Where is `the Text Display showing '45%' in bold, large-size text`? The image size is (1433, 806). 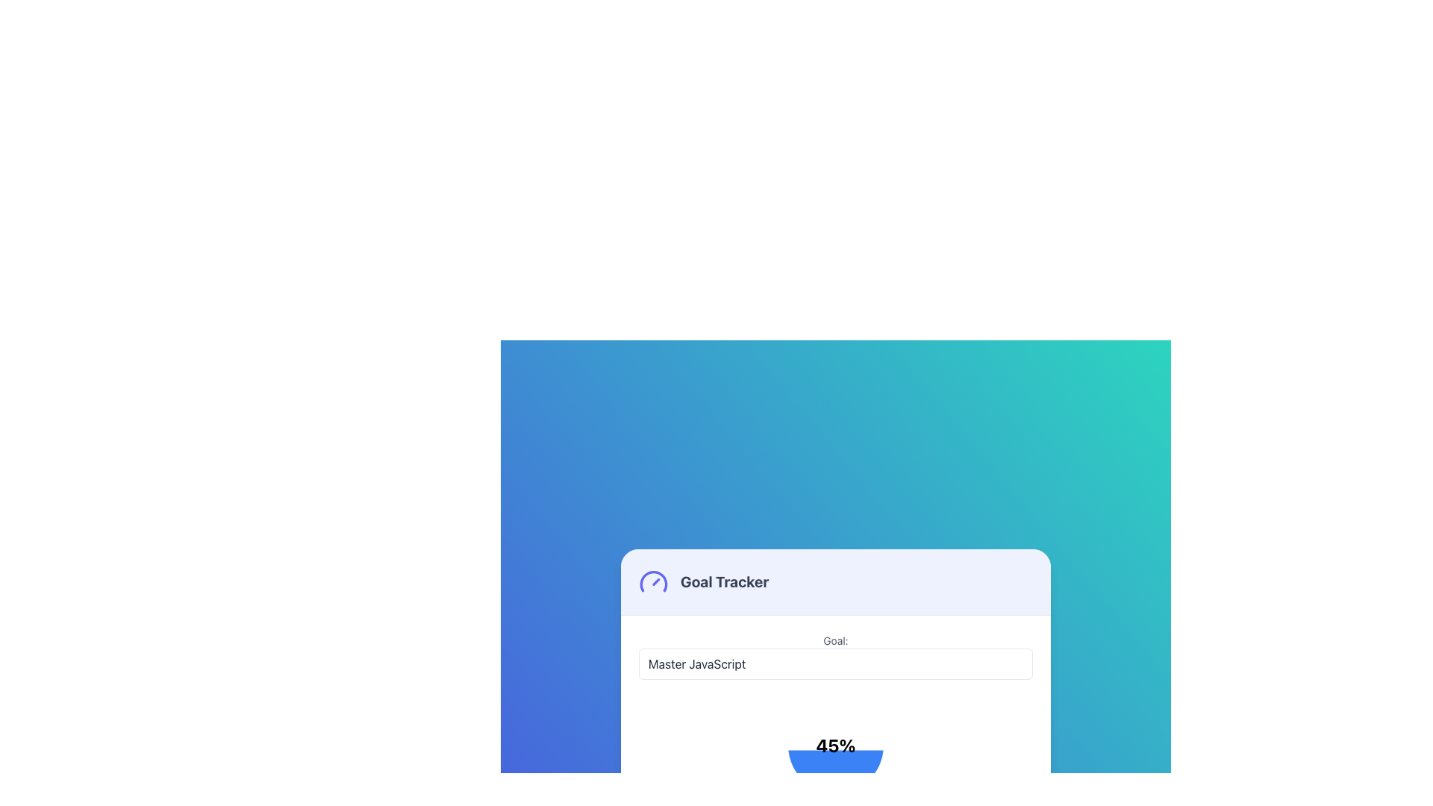 the Text Display showing '45%' in bold, large-size text is located at coordinates (834, 746).